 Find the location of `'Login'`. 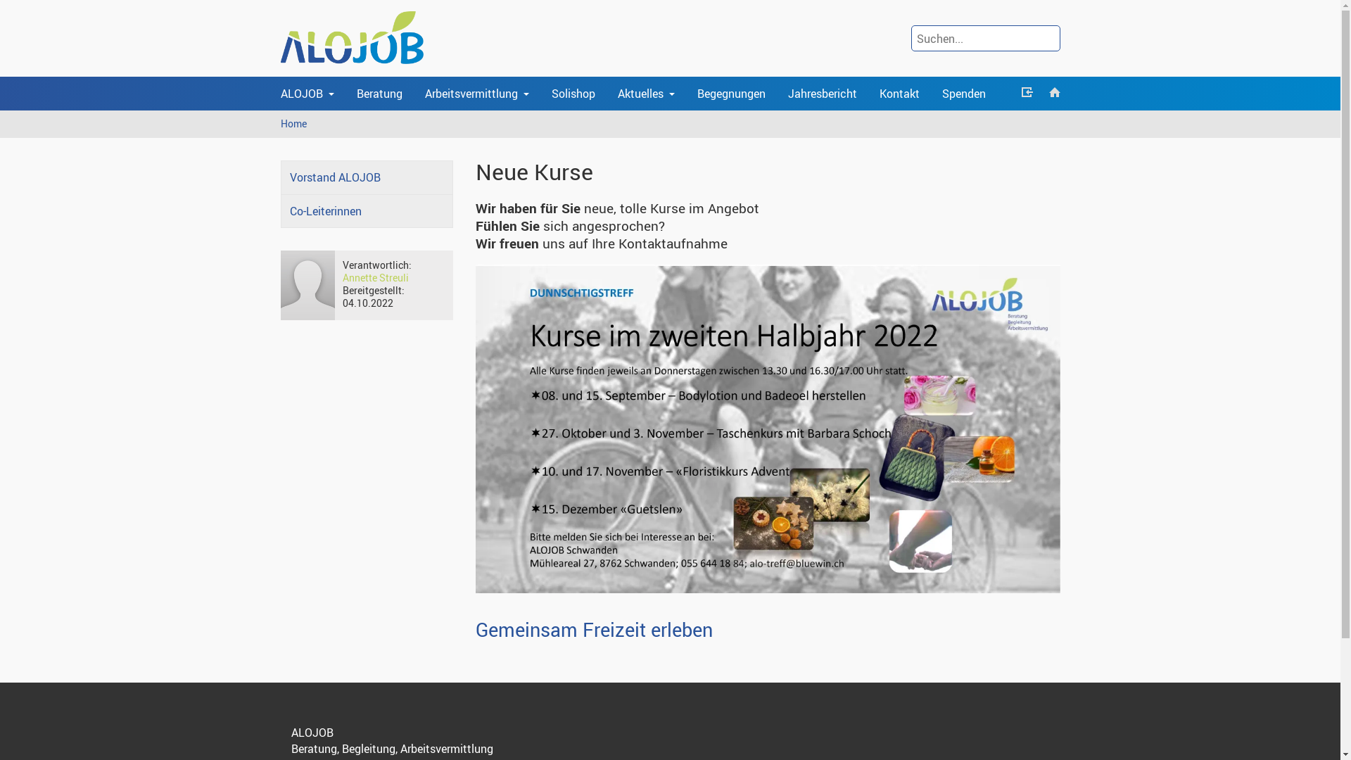

'Login' is located at coordinates (1027, 93).